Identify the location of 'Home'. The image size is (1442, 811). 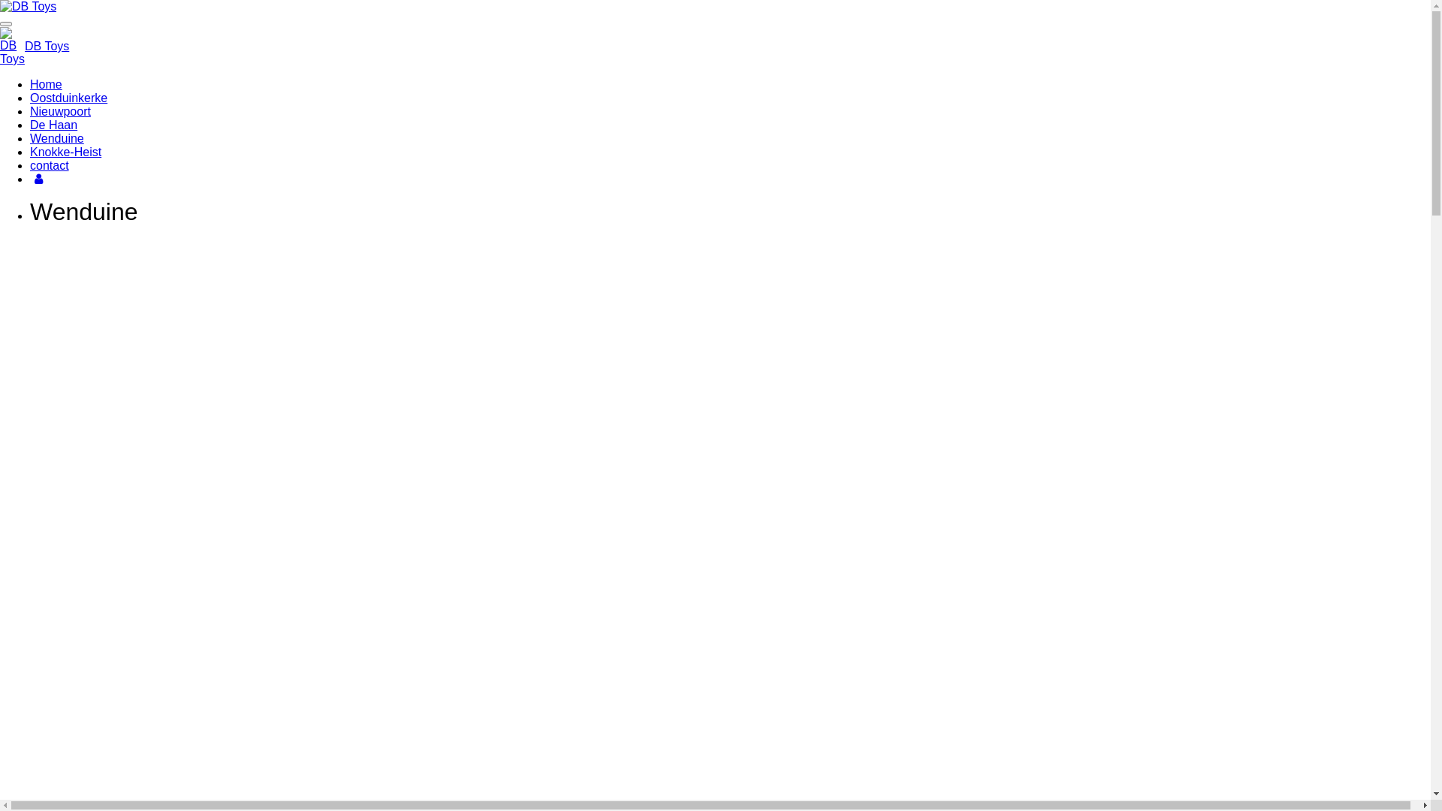
(46, 84).